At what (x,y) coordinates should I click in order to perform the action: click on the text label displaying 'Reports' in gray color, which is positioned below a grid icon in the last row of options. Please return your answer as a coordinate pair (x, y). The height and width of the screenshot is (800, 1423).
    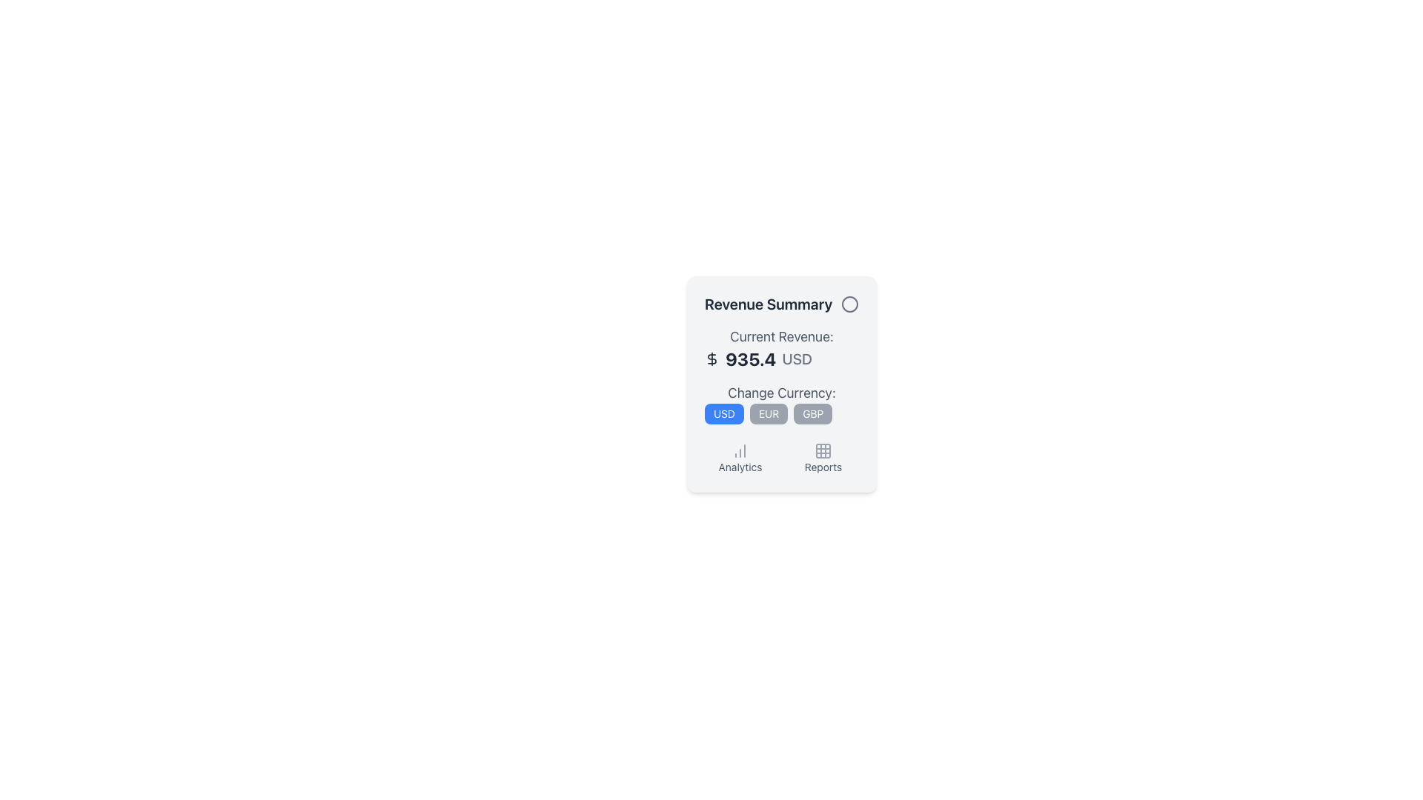
    Looking at the image, I should click on (822, 467).